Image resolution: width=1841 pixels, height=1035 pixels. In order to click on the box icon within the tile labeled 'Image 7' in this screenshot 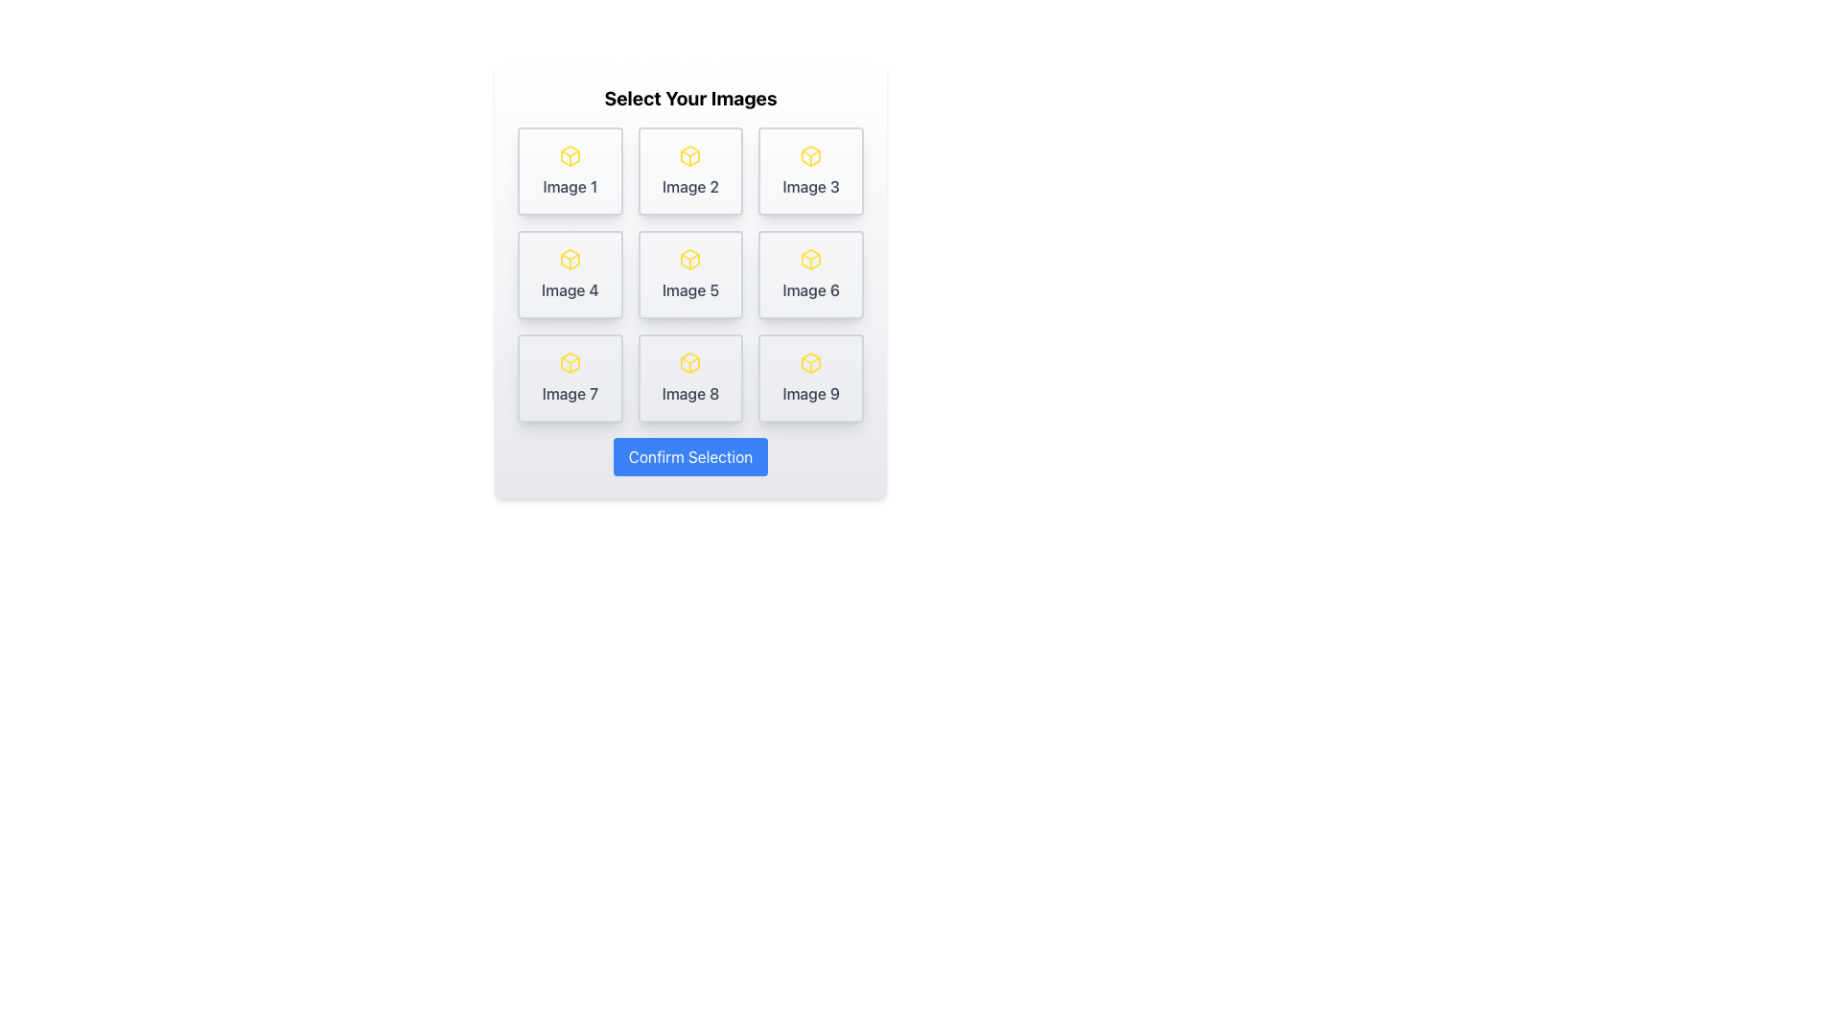, I will do `click(569, 362)`.